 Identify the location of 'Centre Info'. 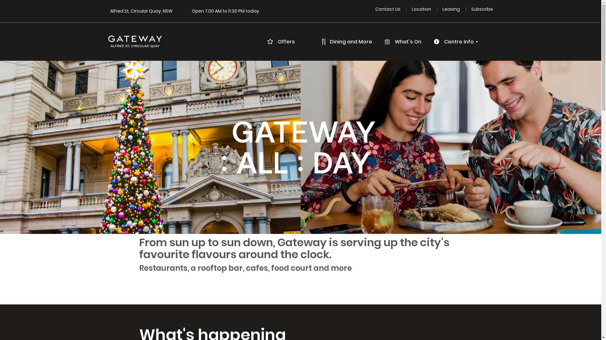
(458, 42).